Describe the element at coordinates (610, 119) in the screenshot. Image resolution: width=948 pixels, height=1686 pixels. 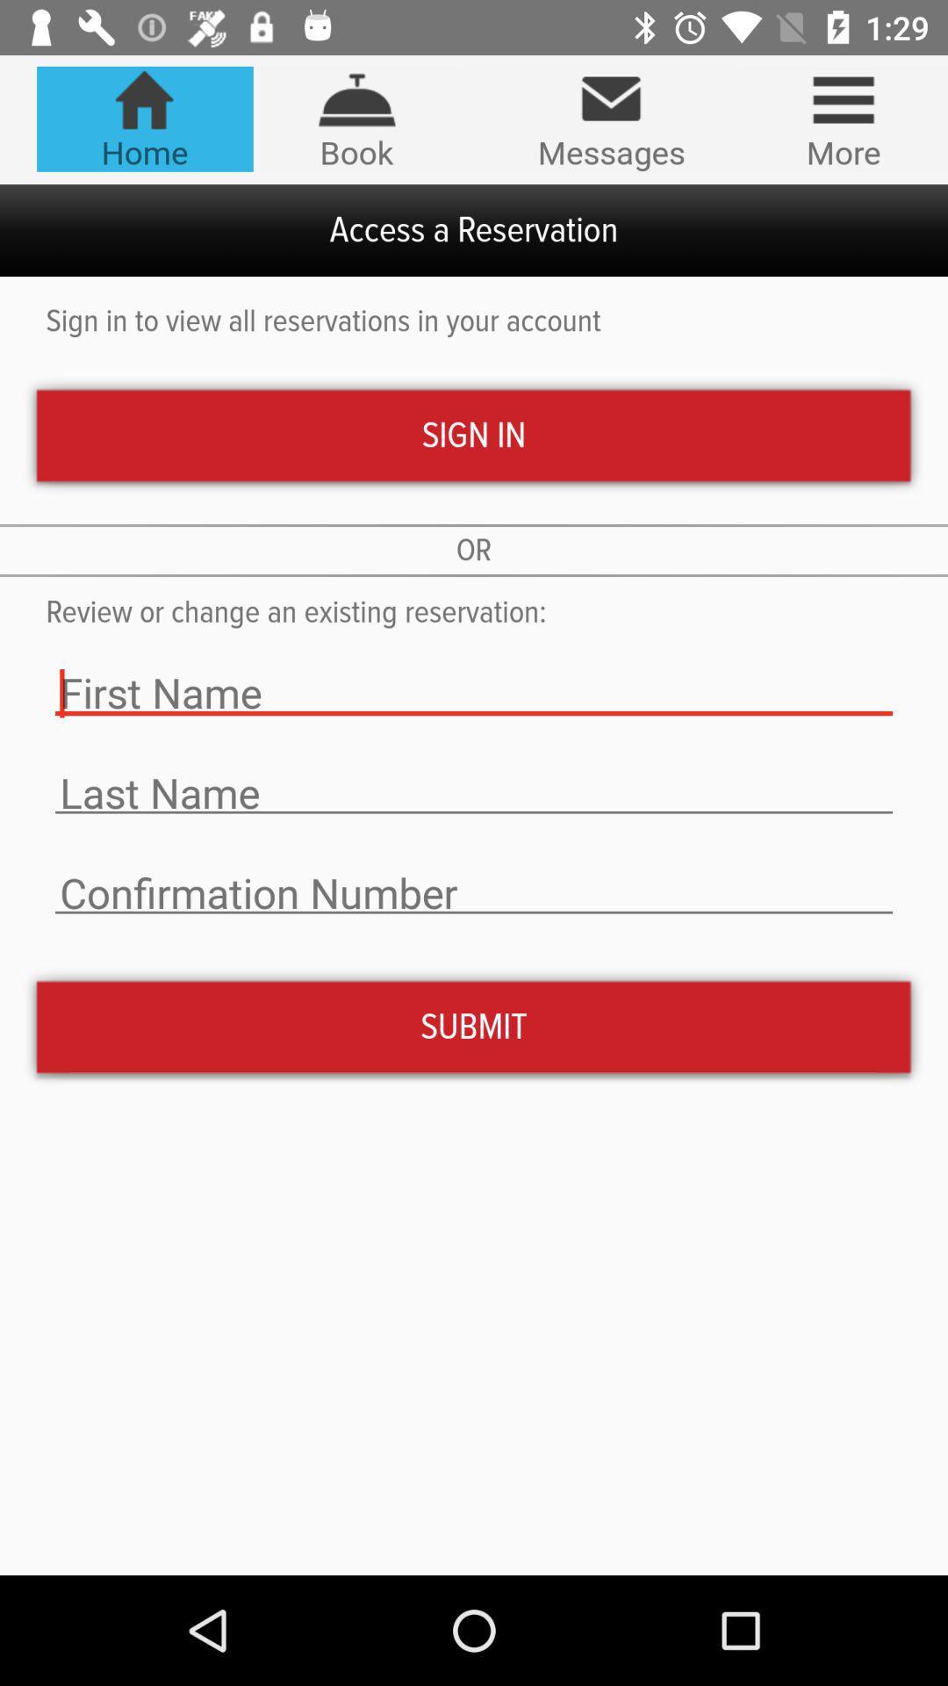
I see `the icon to the right of book item` at that location.